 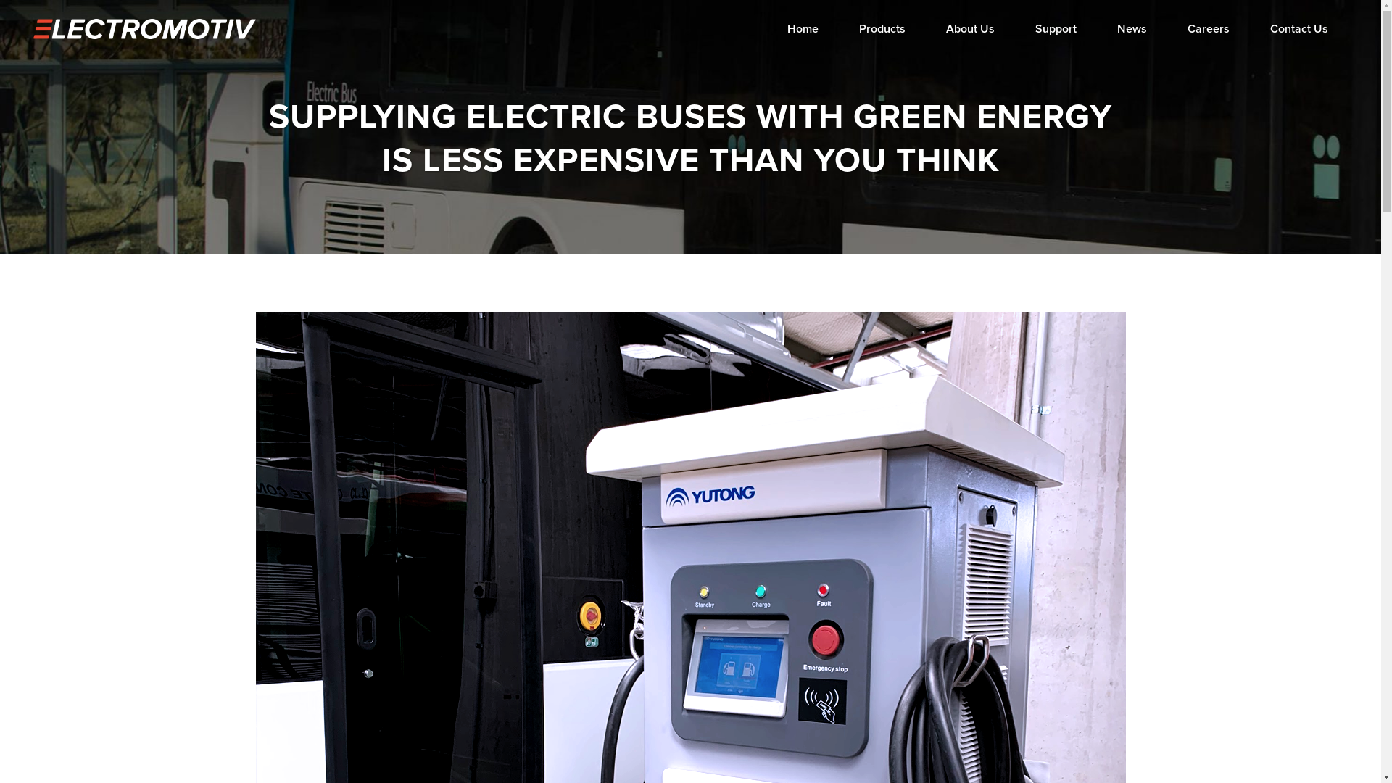 What do you see at coordinates (1056, 28) in the screenshot?
I see `'Support'` at bounding box center [1056, 28].